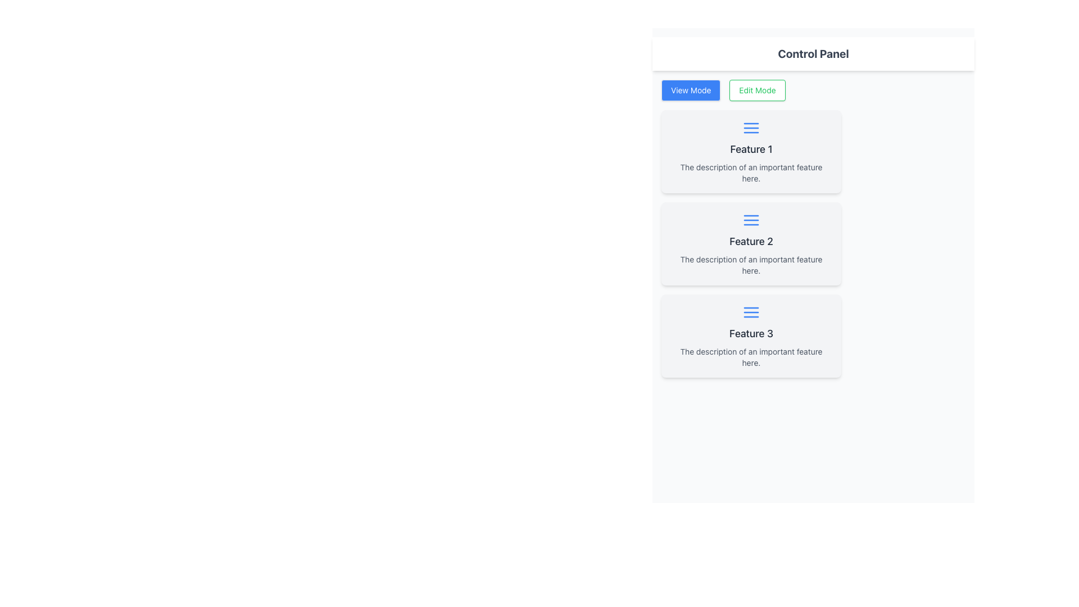  Describe the element at coordinates (690, 90) in the screenshot. I see `the rectangular blue button labeled 'View Mode'` at that location.